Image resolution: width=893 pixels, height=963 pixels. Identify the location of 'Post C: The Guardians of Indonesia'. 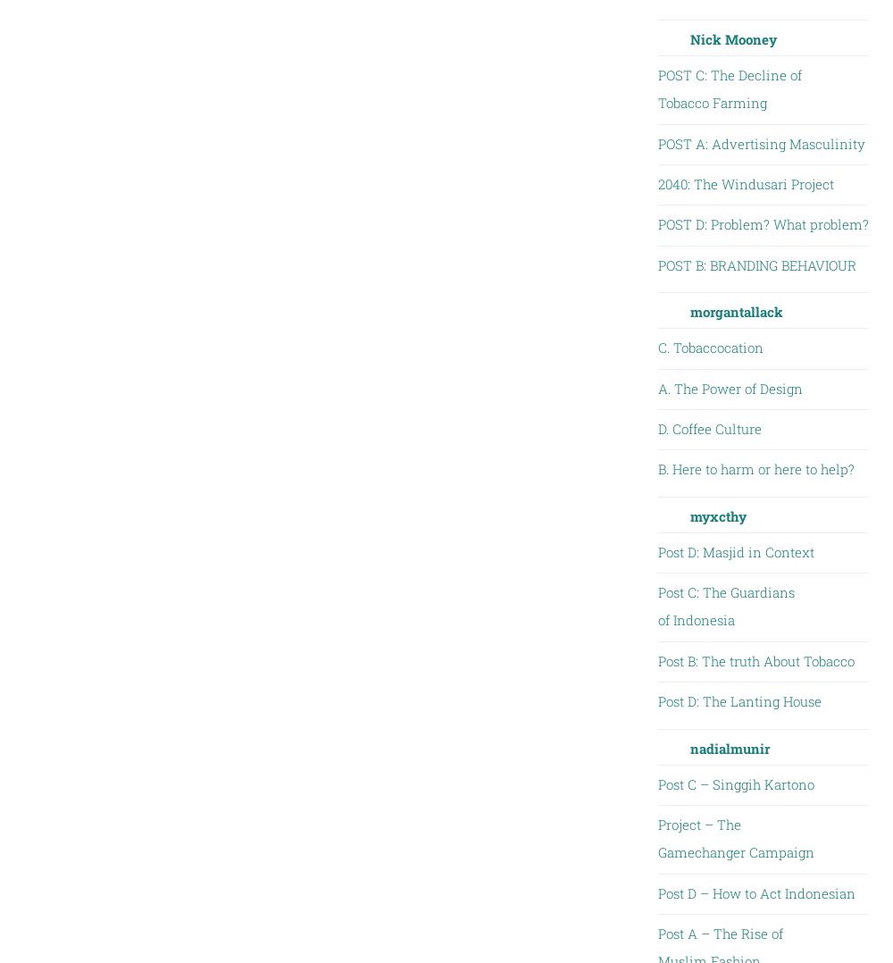
(725, 606).